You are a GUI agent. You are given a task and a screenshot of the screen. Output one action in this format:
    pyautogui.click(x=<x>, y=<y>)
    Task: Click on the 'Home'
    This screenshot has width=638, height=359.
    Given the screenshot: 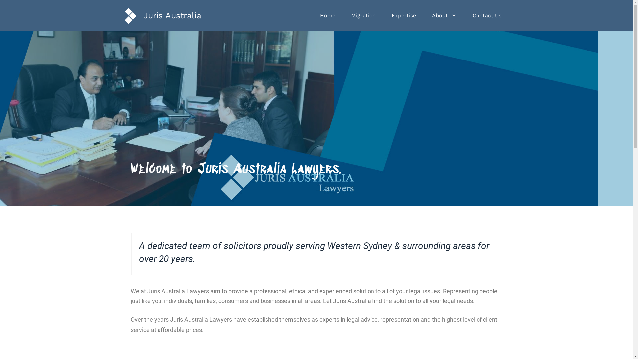 What is the action you would take?
    pyautogui.click(x=327, y=15)
    